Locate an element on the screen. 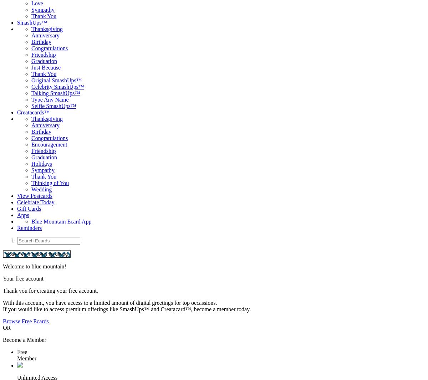 Image resolution: width=428 pixels, height=380 pixels. 'Your free account' is located at coordinates (23, 278).